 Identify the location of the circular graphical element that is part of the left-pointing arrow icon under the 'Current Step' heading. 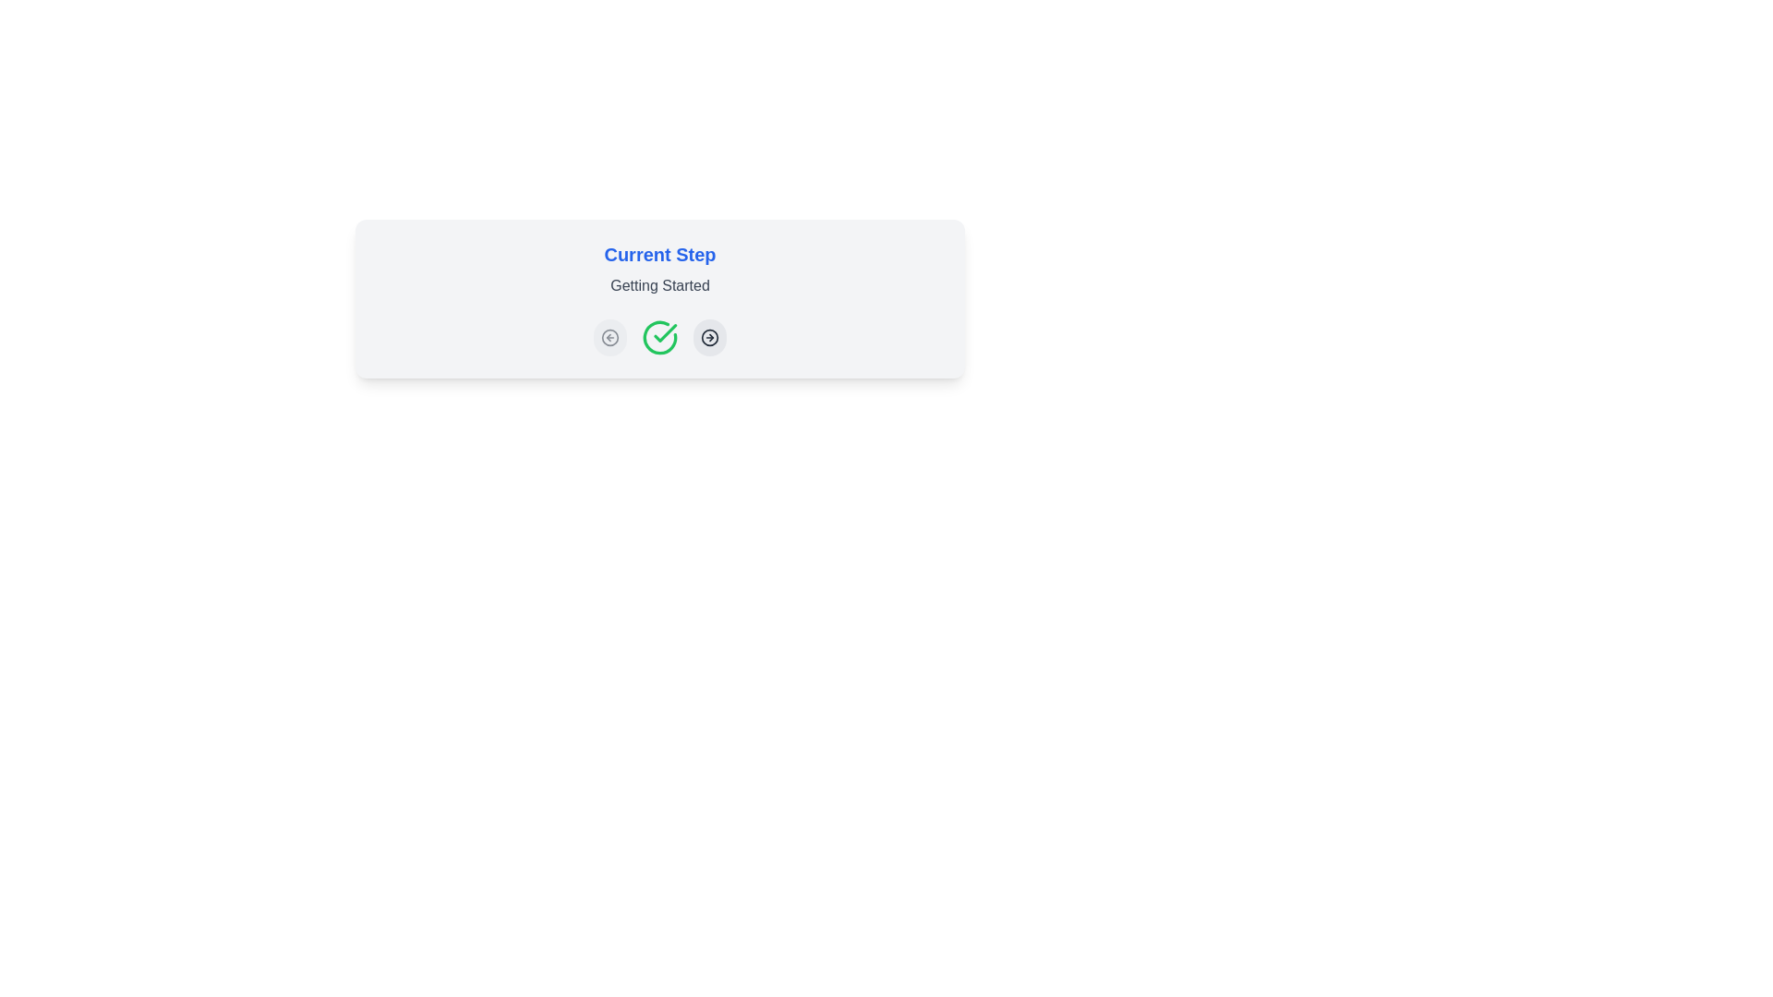
(610, 338).